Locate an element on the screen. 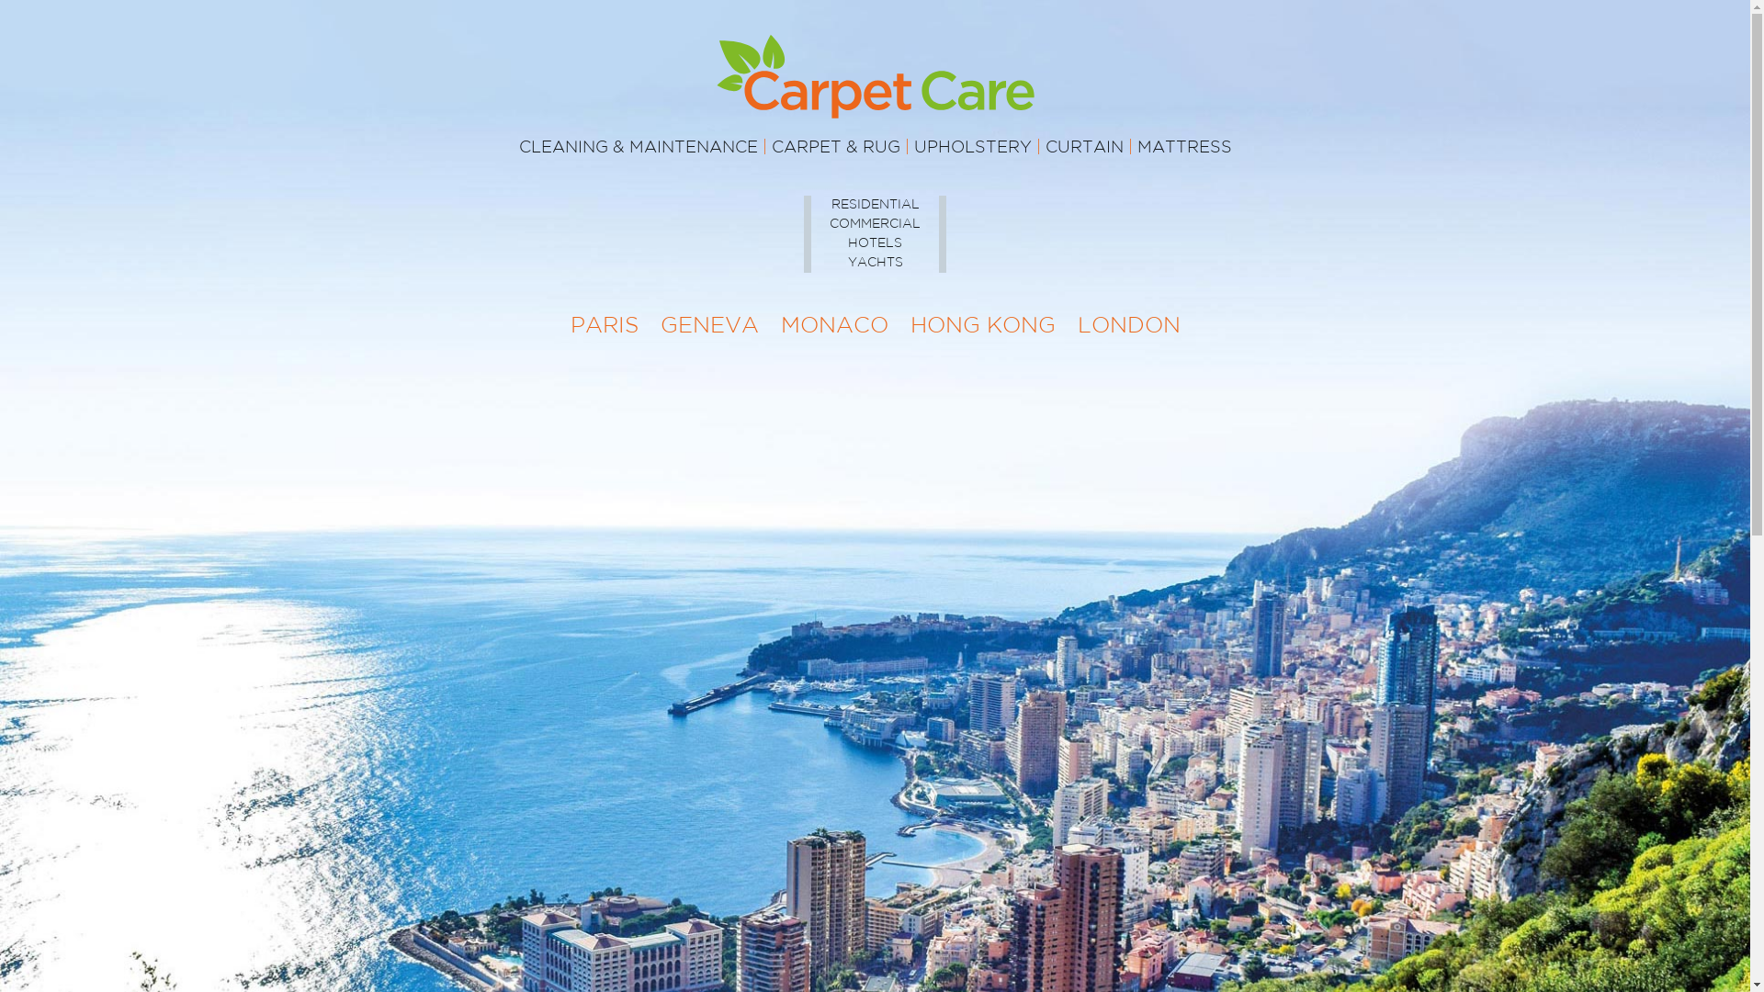 The height and width of the screenshot is (992, 1764). 'GENEVA' is located at coordinates (707, 324).